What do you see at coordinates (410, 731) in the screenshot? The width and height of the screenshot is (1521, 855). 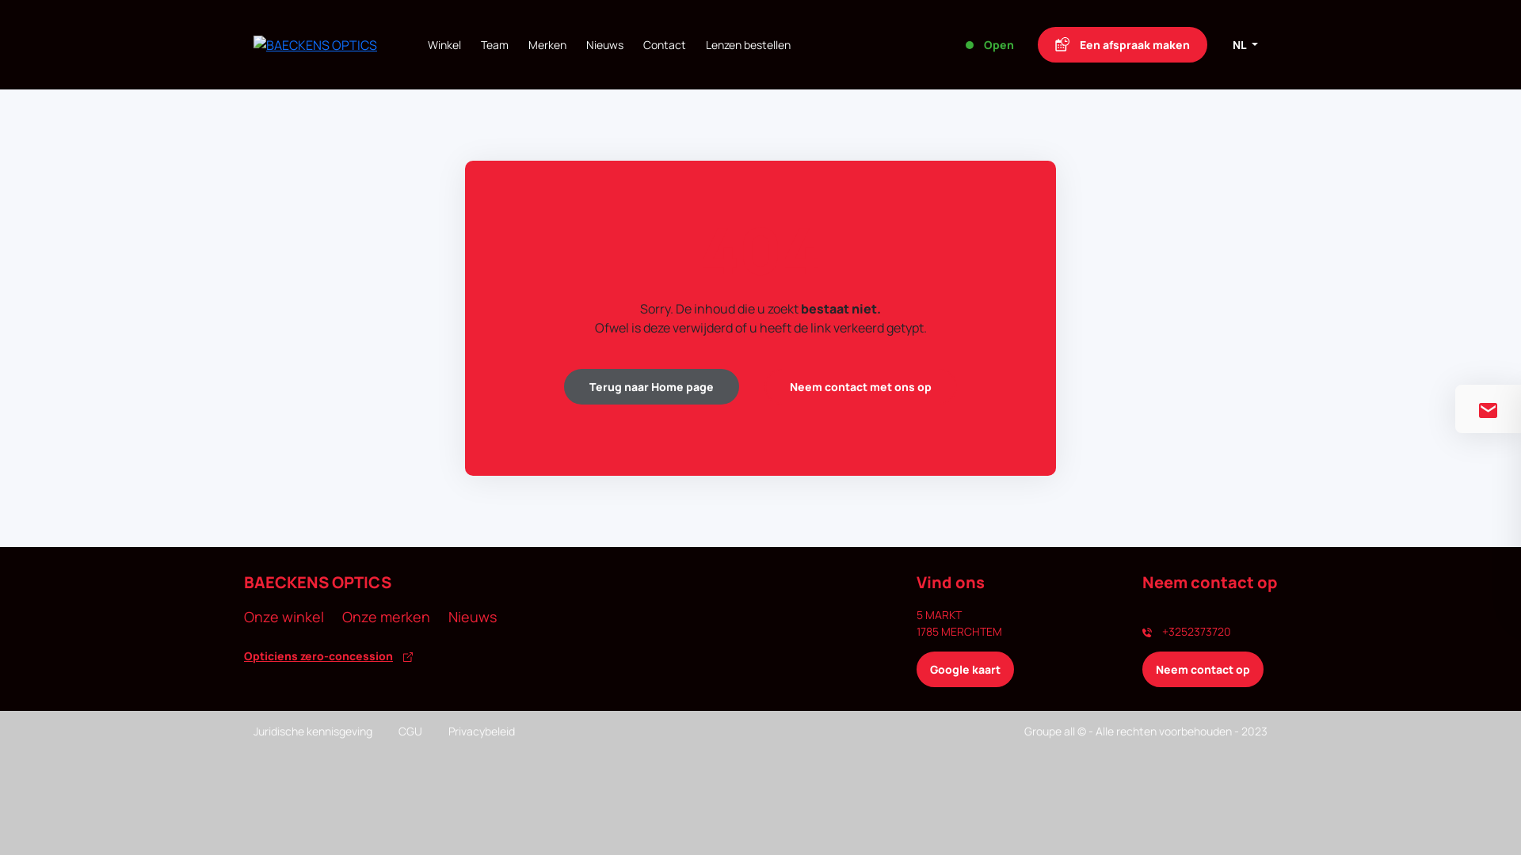 I see `'CGU'` at bounding box center [410, 731].